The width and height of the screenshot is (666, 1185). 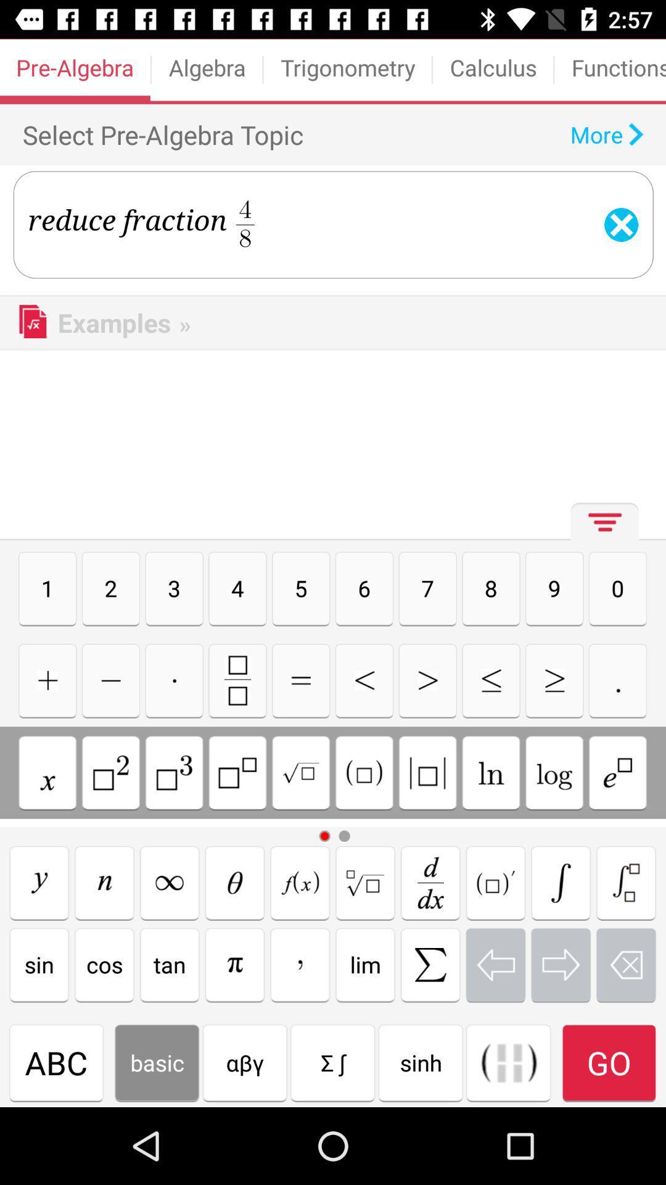 What do you see at coordinates (170, 882) in the screenshot?
I see `input infinity symbol` at bounding box center [170, 882].